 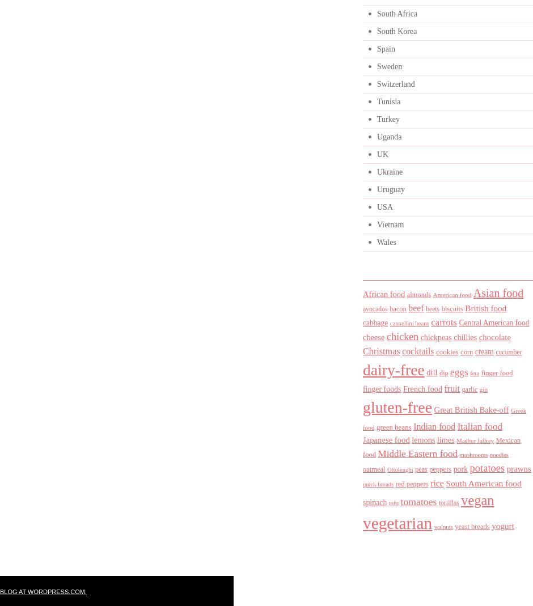 What do you see at coordinates (469, 468) in the screenshot?
I see `'potatoes'` at bounding box center [469, 468].